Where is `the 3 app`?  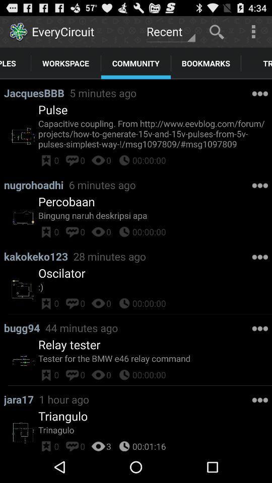 the 3 app is located at coordinates (108, 444).